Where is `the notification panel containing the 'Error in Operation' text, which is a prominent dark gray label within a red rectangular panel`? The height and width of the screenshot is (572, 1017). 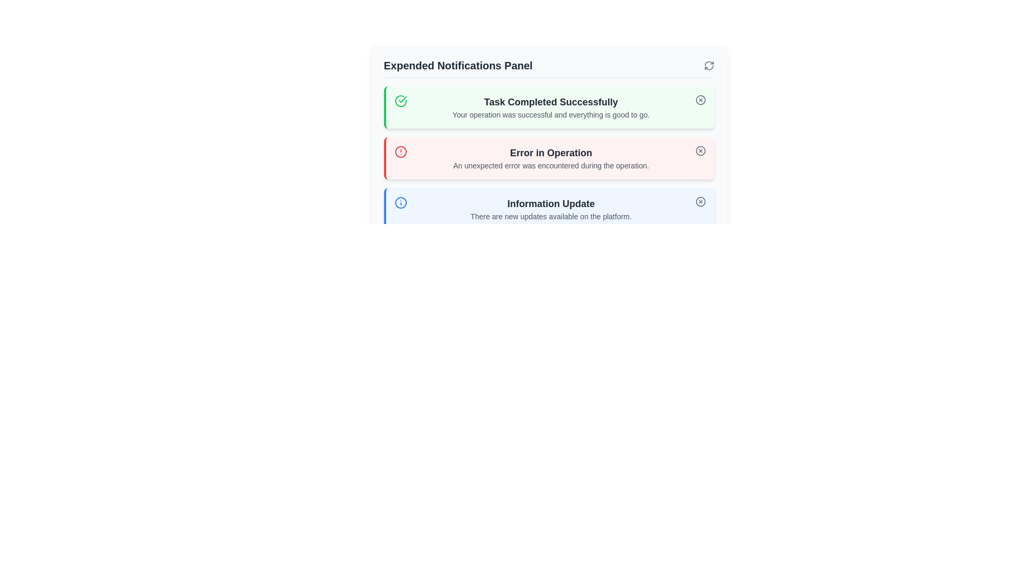 the notification panel containing the 'Error in Operation' text, which is a prominent dark gray label within a red rectangular panel is located at coordinates (551, 153).